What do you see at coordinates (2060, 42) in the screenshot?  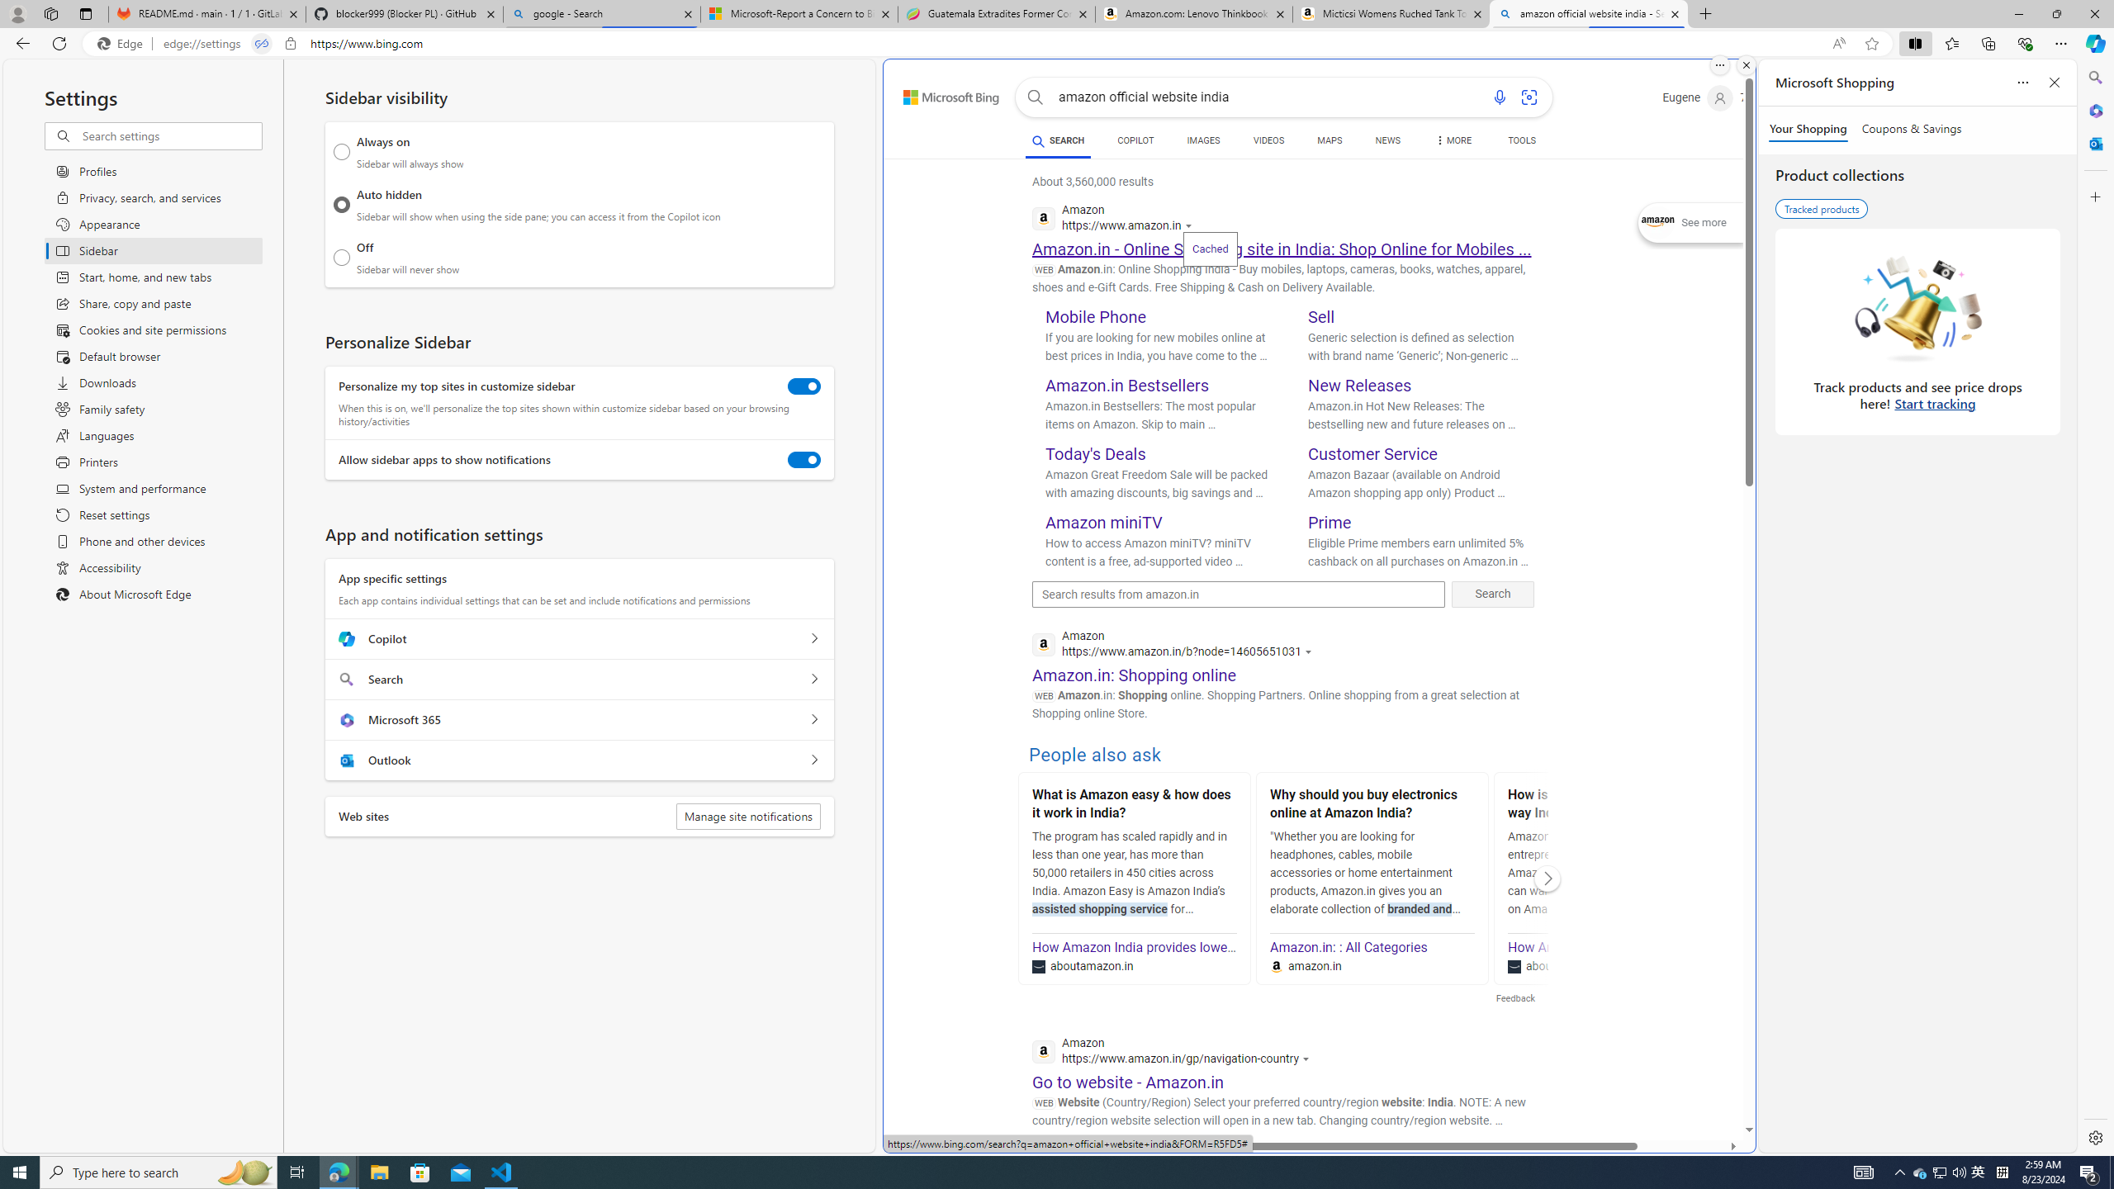 I see `'Settings and more (Alt+F)'` at bounding box center [2060, 42].